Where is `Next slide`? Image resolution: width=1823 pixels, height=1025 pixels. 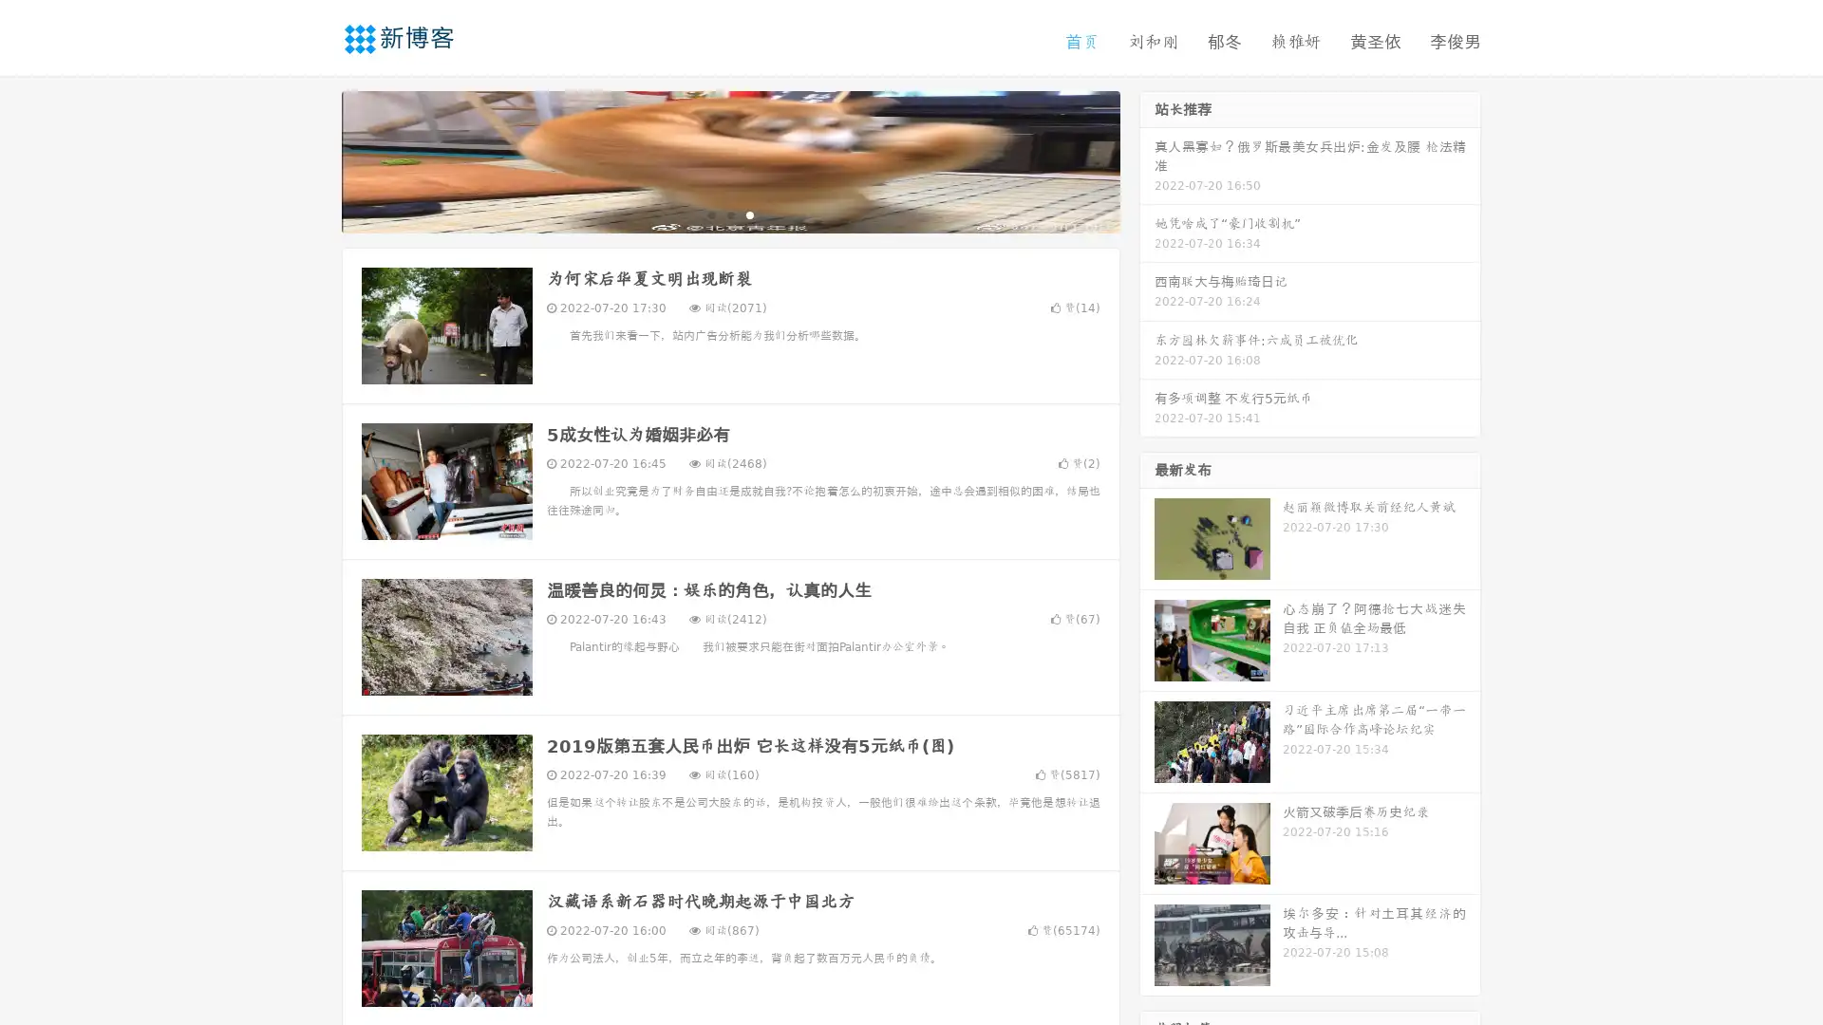
Next slide is located at coordinates (1147, 159).